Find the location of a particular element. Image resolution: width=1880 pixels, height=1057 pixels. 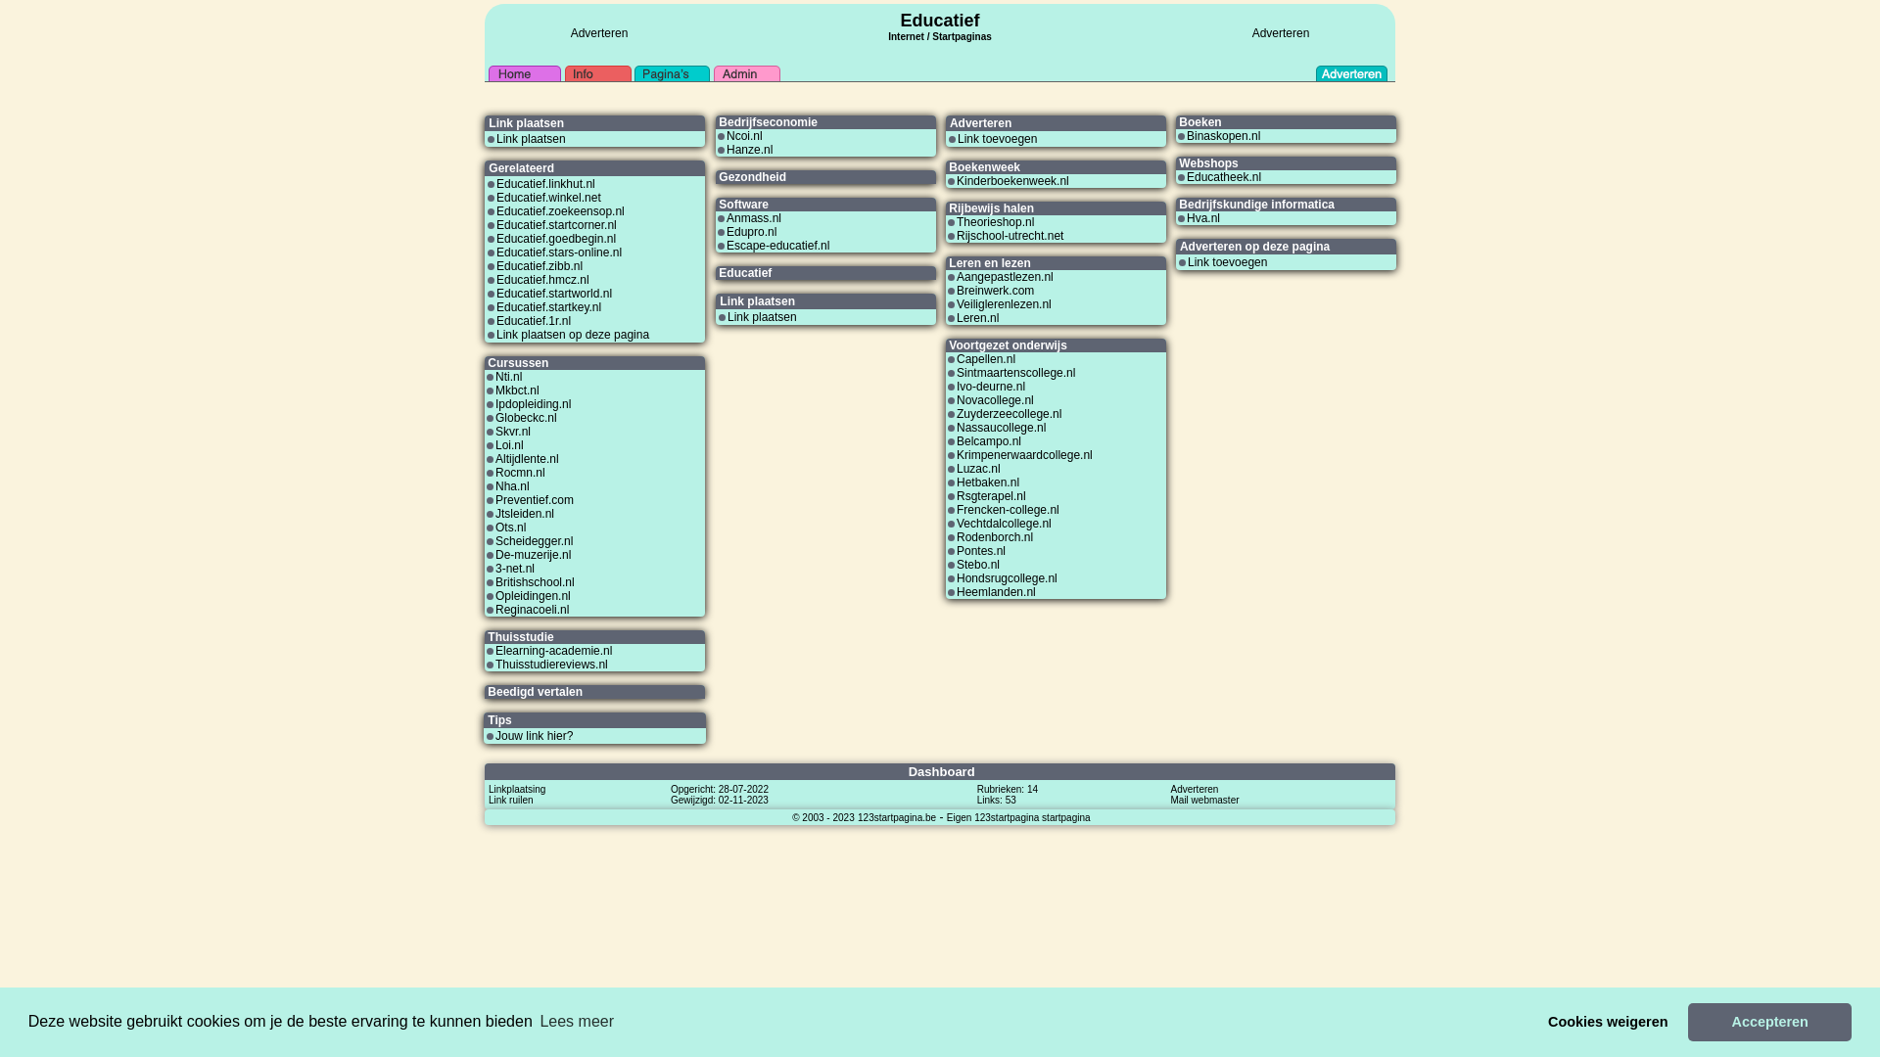

'3-net.nl' is located at coordinates (494, 569).